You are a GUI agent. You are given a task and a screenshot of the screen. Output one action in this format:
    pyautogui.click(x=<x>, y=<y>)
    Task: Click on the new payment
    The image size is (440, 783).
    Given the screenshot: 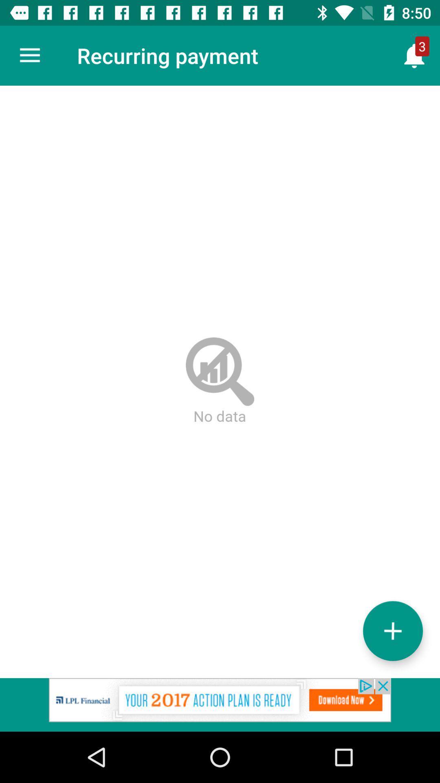 What is the action you would take?
    pyautogui.click(x=392, y=630)
    